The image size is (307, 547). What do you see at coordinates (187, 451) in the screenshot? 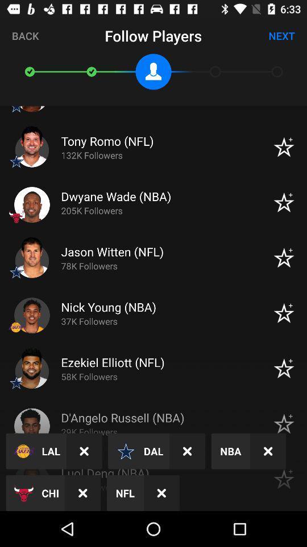
I see `the close icon` at bounding box center [187, 451].